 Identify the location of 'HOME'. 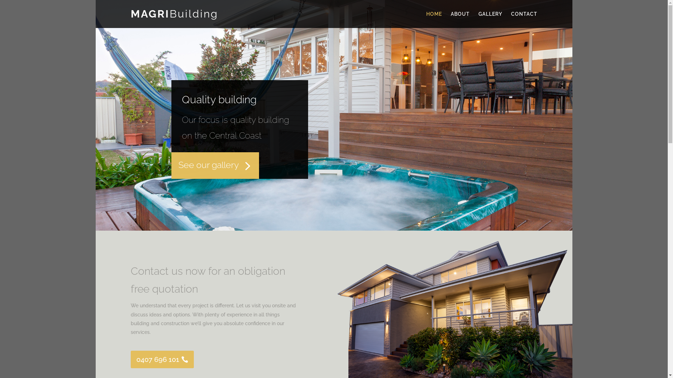
(434, 19).